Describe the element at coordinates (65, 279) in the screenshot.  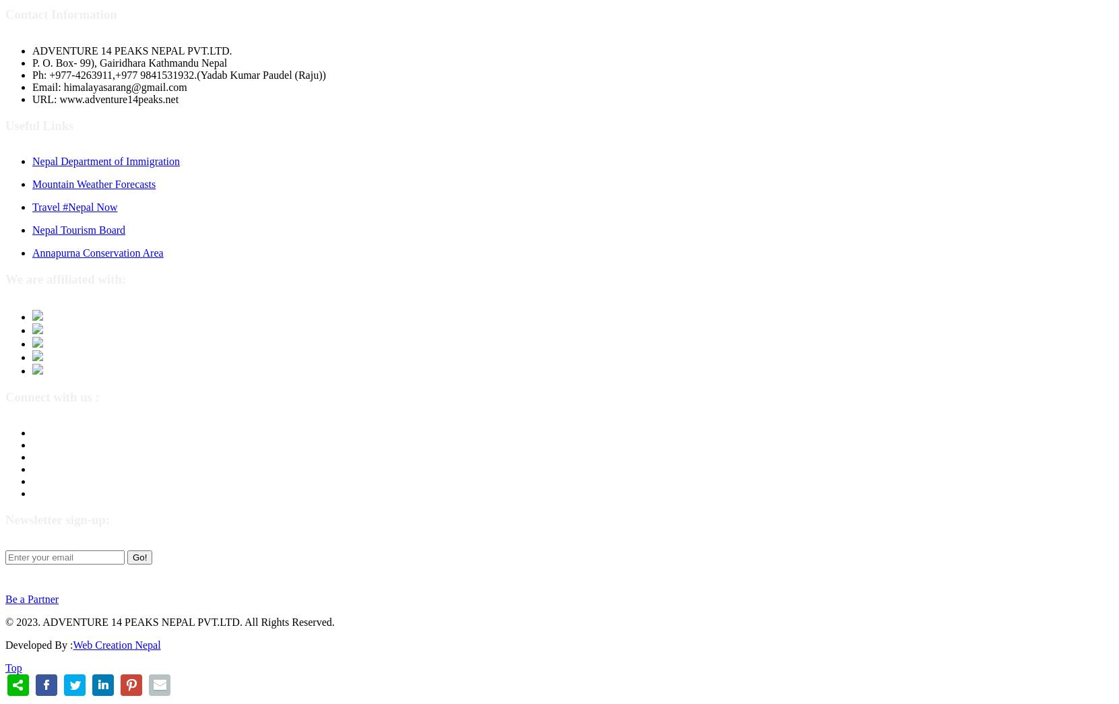
I see `'We are affiliated with:'` at that location.